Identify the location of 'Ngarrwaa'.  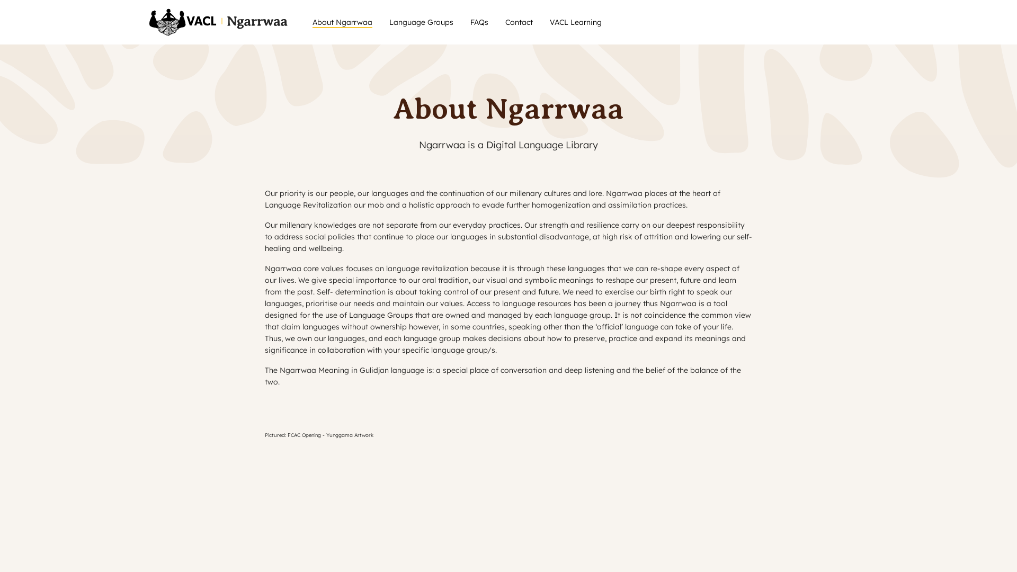
(220, 22).